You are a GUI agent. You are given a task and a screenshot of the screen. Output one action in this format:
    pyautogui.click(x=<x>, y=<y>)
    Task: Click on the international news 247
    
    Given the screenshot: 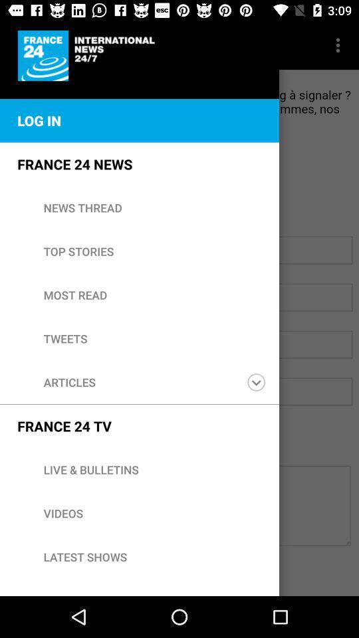 What is the action you would take?
    pyautogui.click(x=88, y=56)
    